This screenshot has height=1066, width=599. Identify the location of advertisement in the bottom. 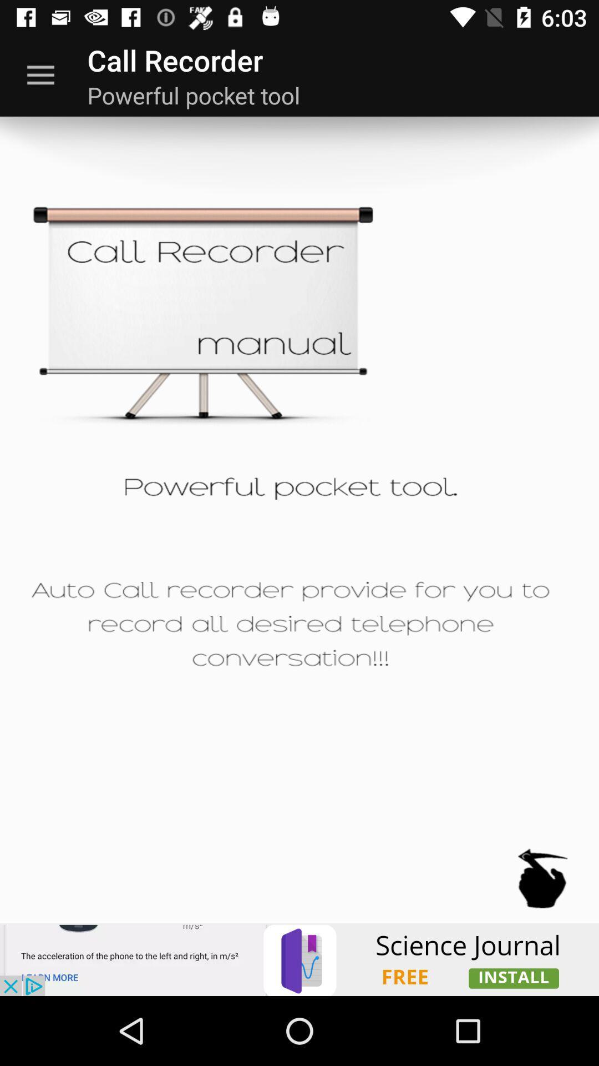
(299, 959).